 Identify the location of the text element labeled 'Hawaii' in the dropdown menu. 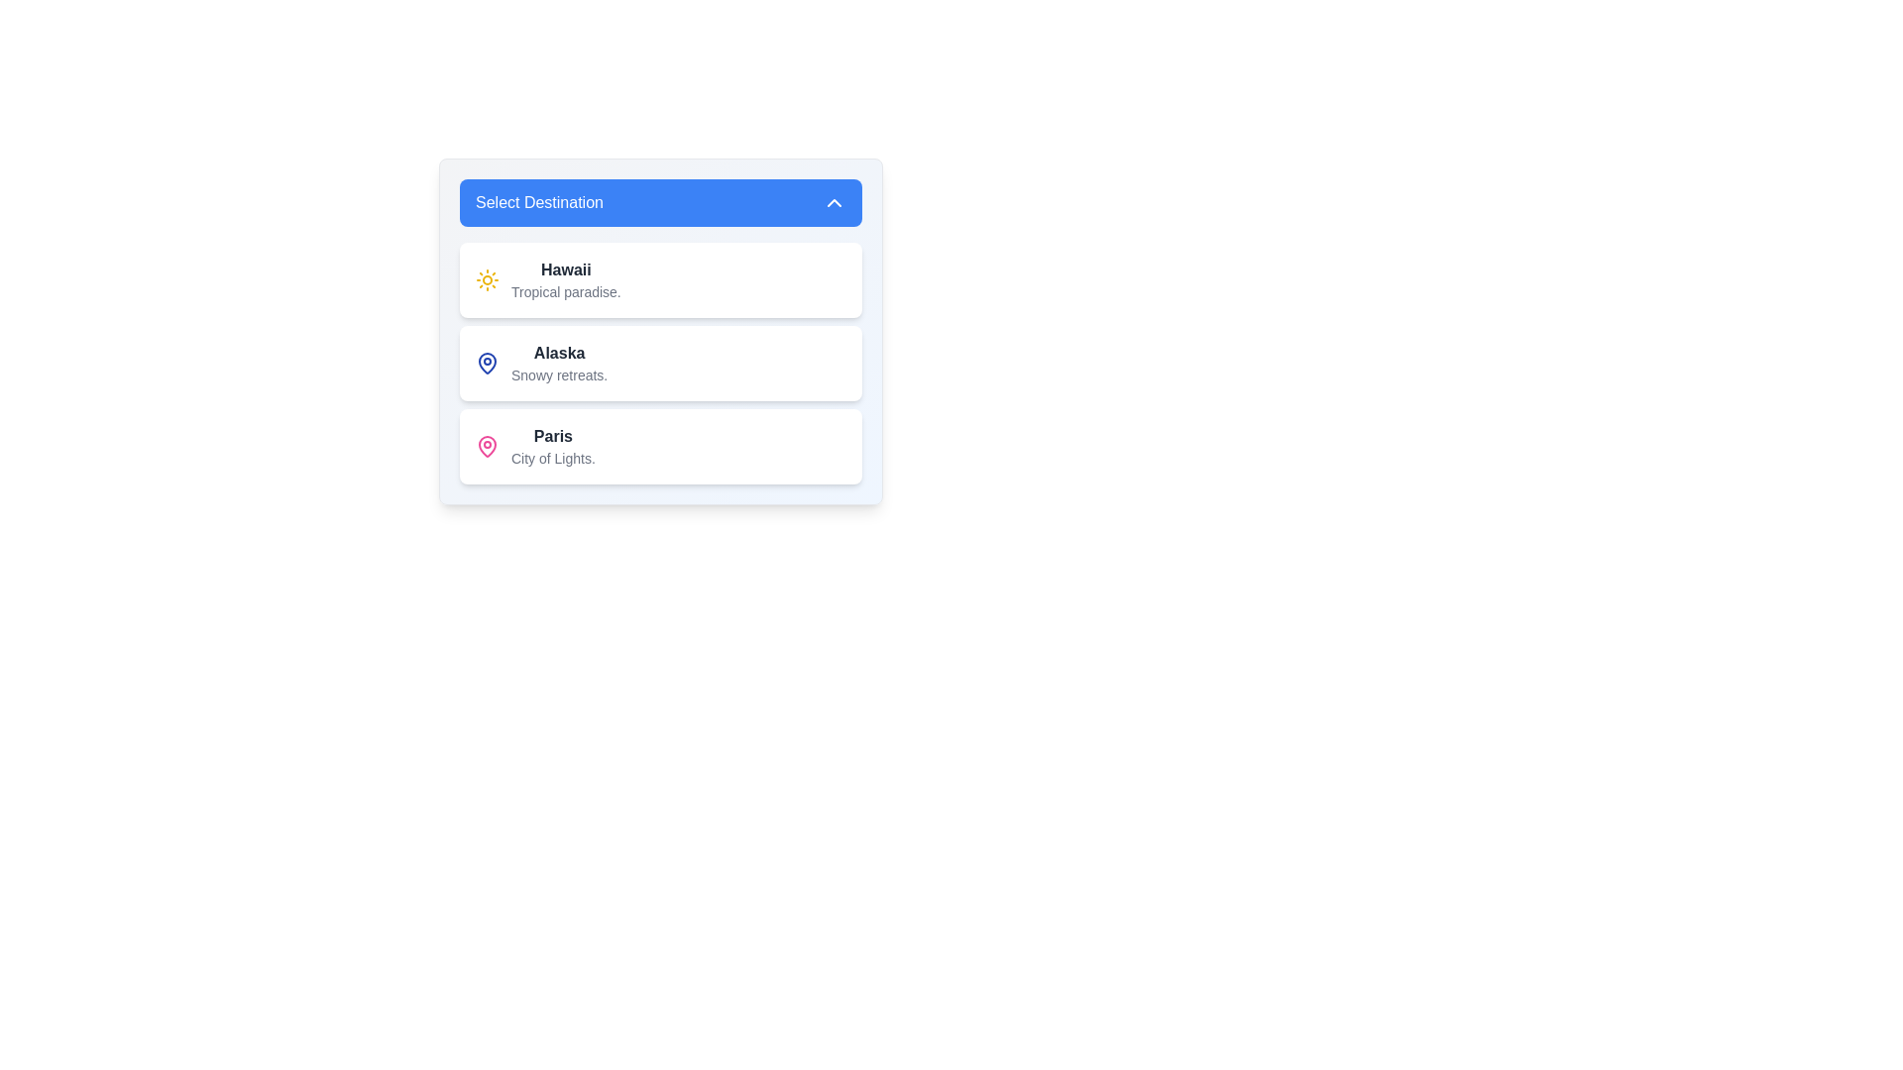
(565, 279).